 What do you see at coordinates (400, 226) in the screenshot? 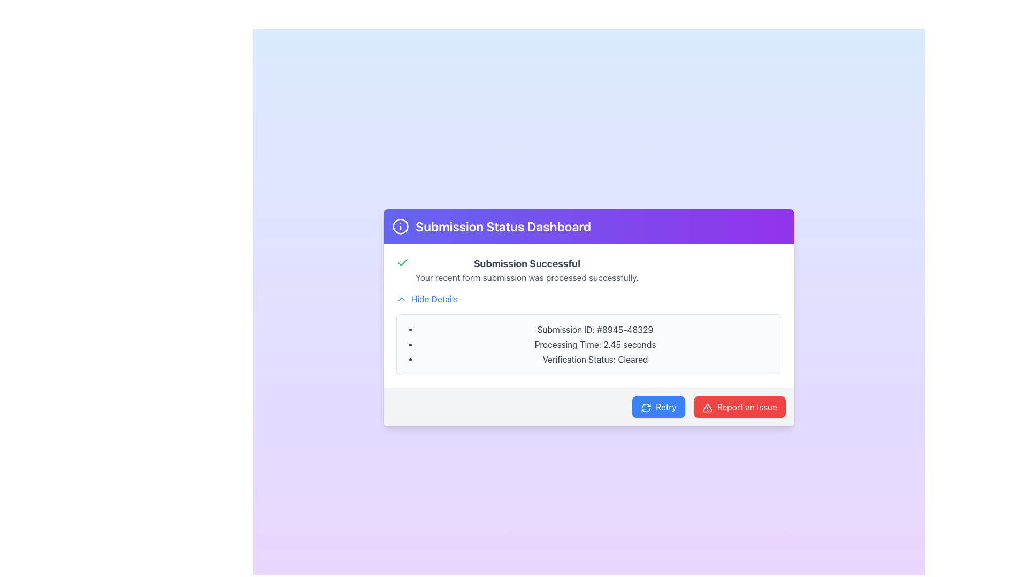
I see `the circular icon with an 'i' character inside, located in the top-left corner of the purple header bar titled 'Submission Status Dashboard'` at bounding box center [400, 226].